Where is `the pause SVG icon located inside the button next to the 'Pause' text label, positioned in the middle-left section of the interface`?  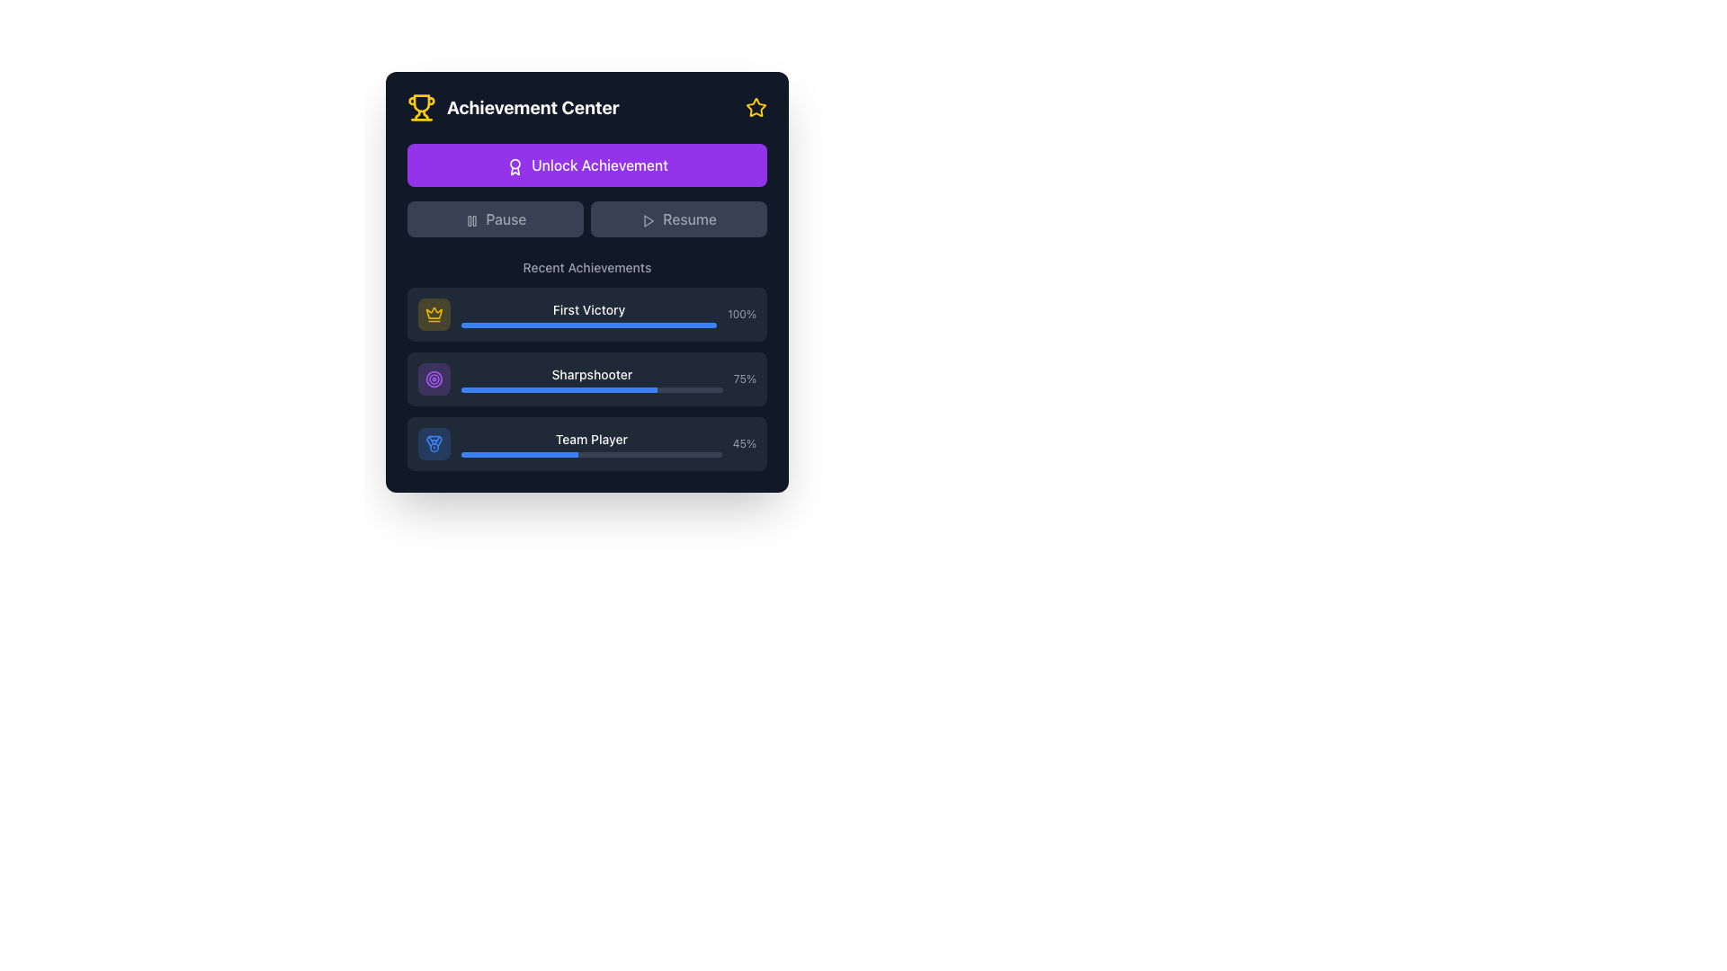
the pause SVG icon located inside the button next to the 'Pause' text label, positioned in the middle-left section of the interface is located at coordinates (471, 219).